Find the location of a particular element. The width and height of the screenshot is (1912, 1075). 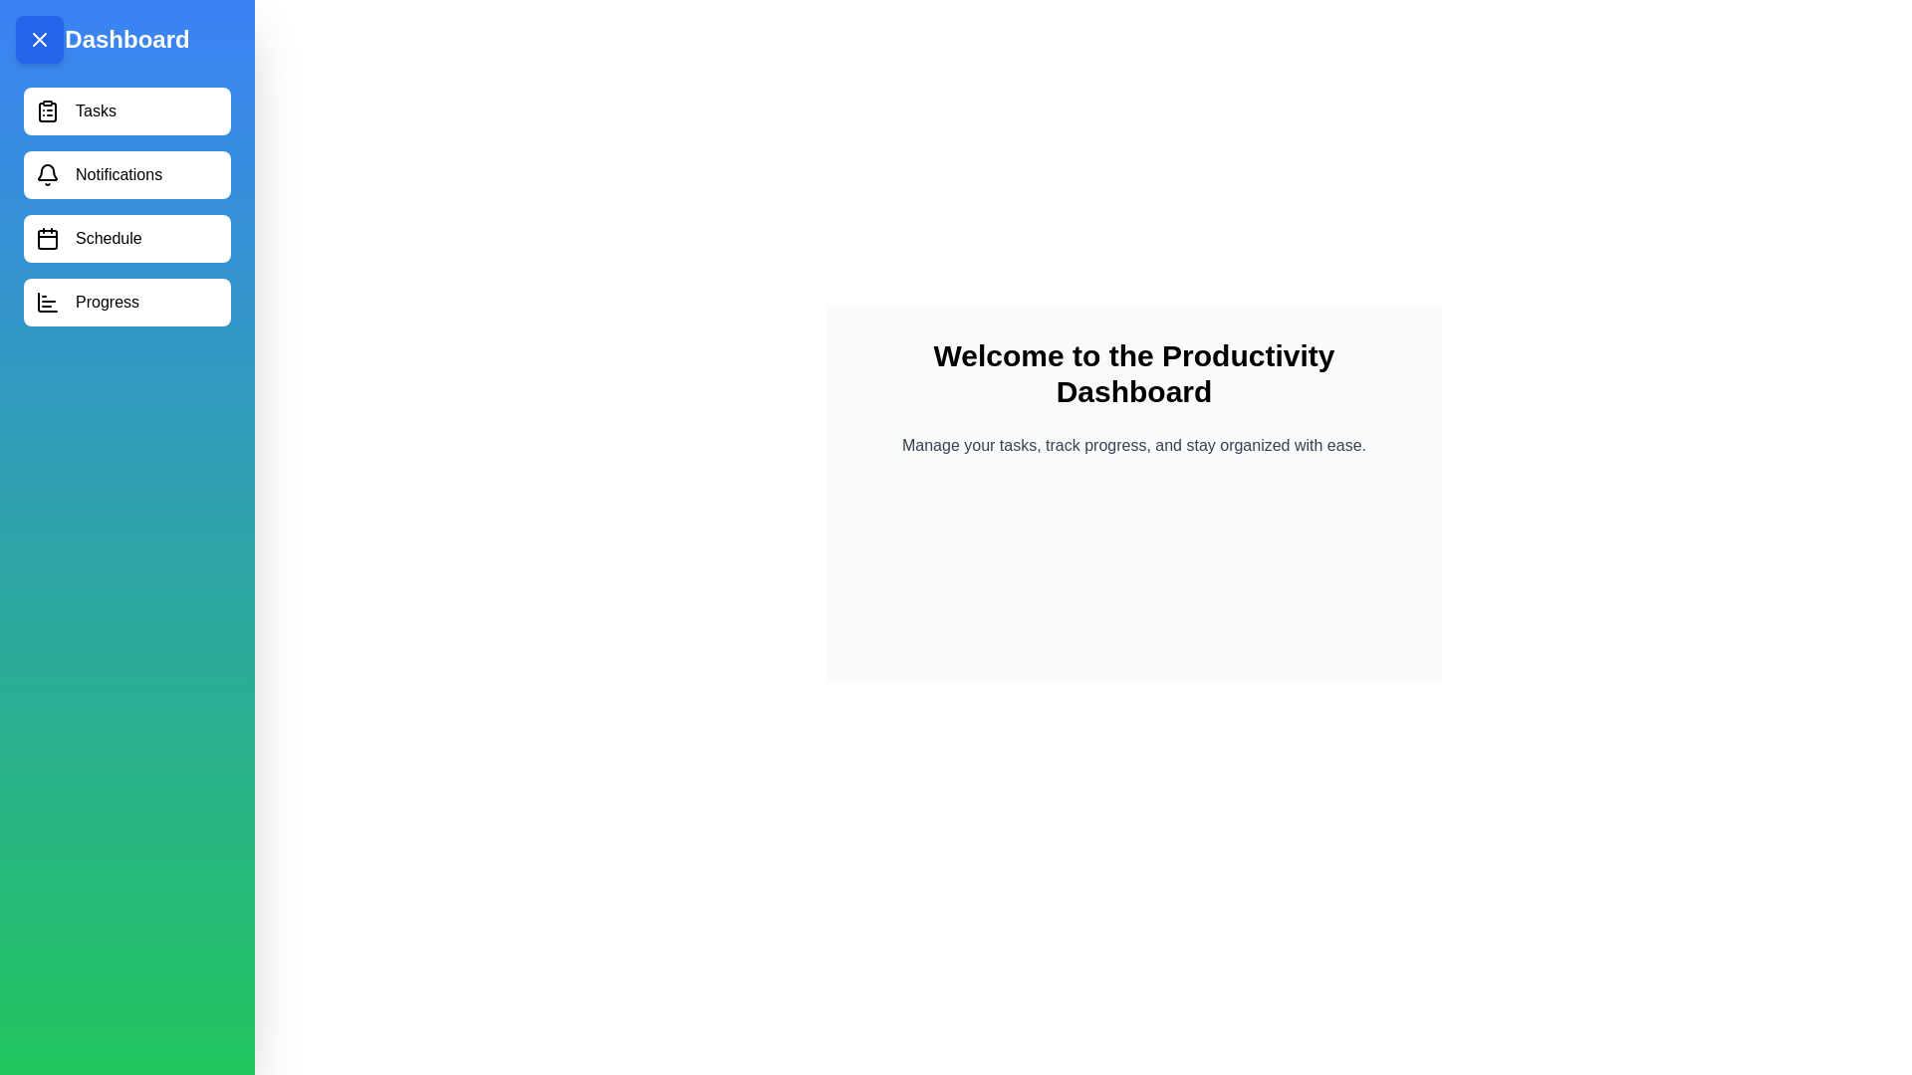

the menu item Schedule from the drawer is located at coordinates (126, 237).